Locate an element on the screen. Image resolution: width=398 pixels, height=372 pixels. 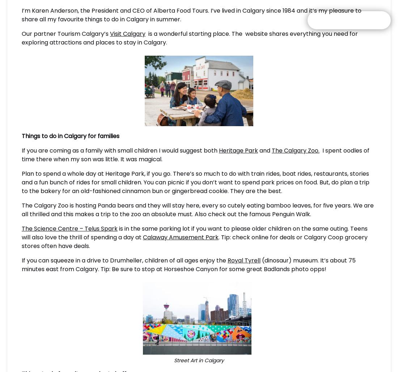
'If you can squeeze in a drive to Drumheller, children of all ages enjoy the' is located at coordinates (124, 260).